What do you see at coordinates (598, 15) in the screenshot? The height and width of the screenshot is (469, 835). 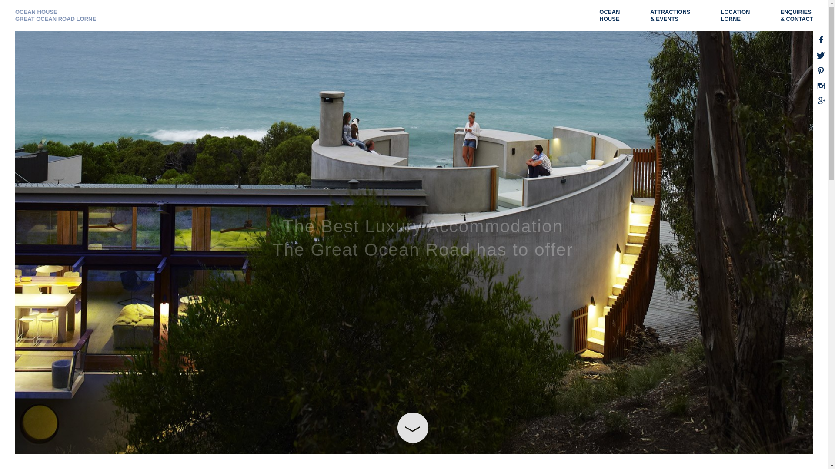 I see `'OCEAN` at bounding box center [598, 15].